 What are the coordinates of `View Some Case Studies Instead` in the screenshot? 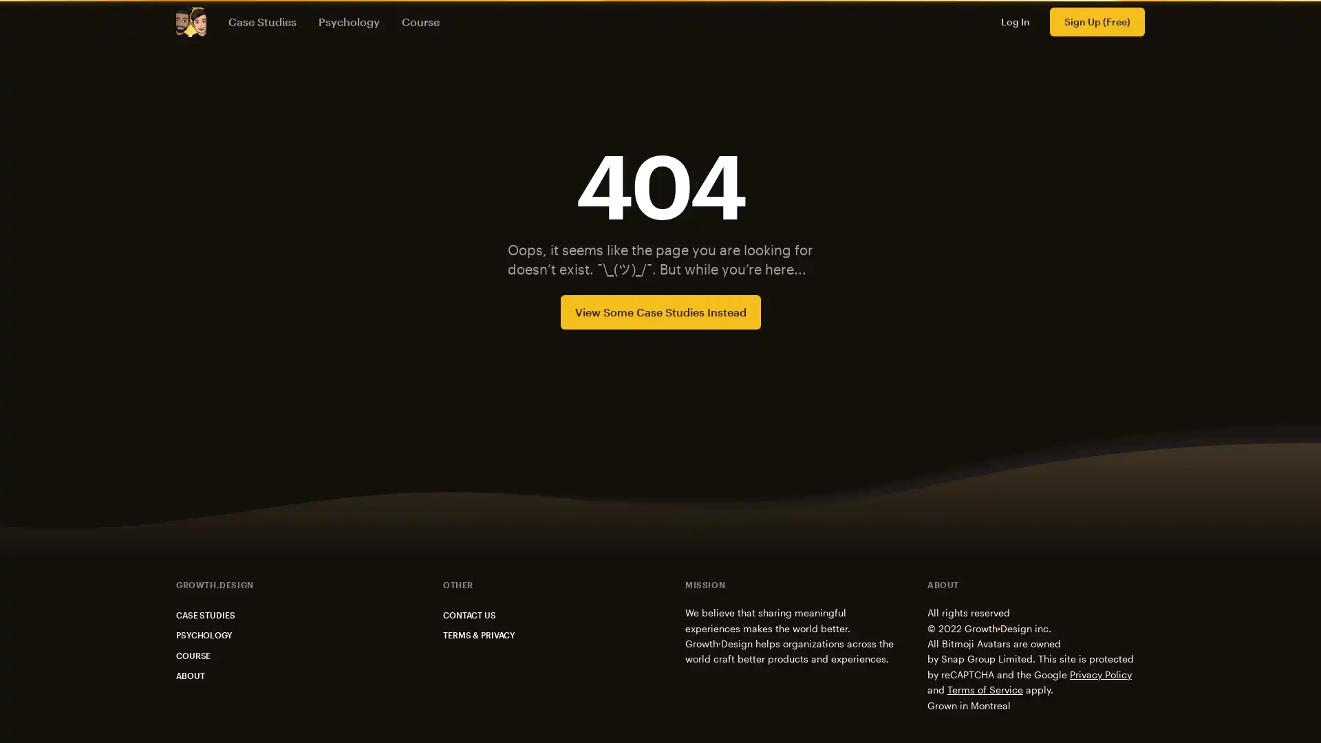 It's located at (659, 311).